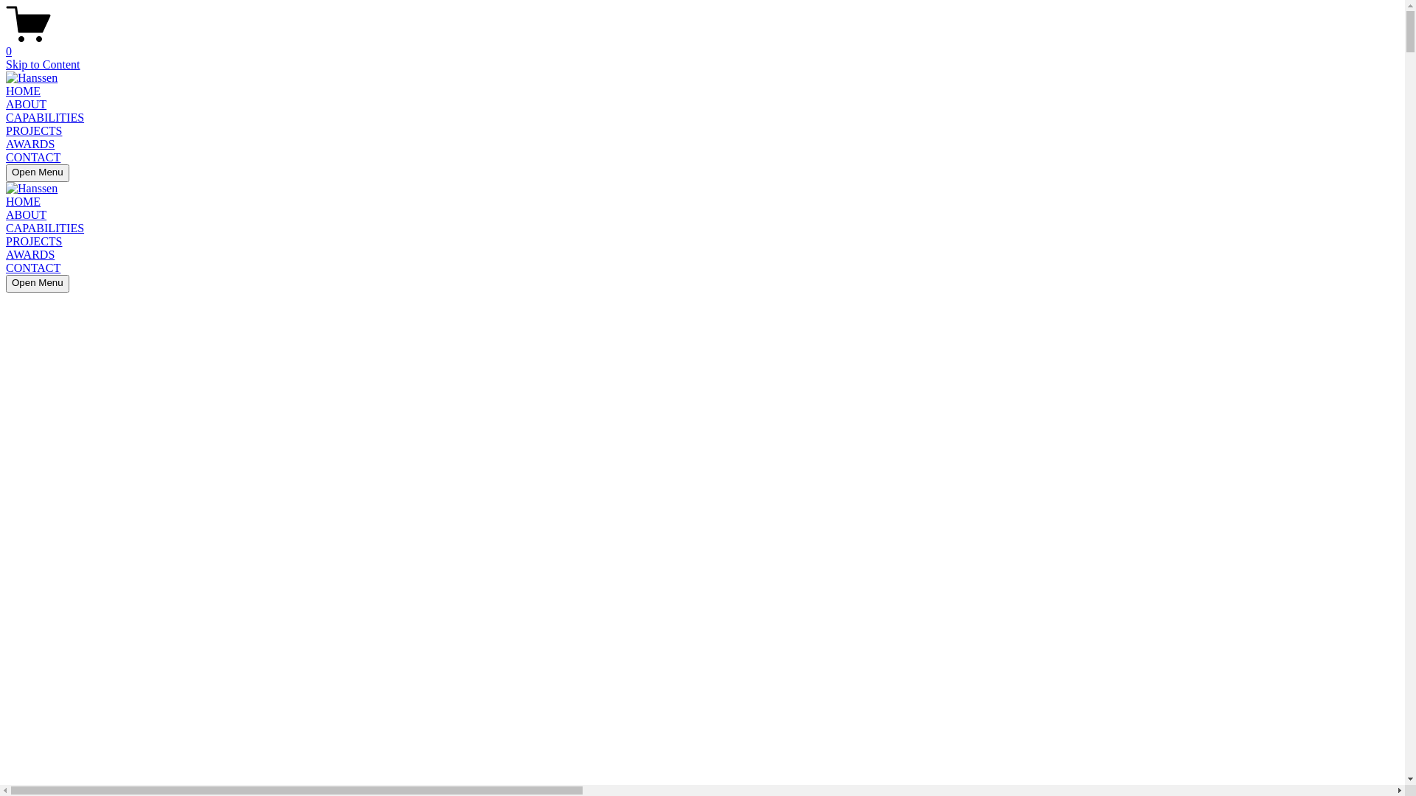  Describe the element at coordinates (701, 44) in the screenshot. I see `'0'` at that location.